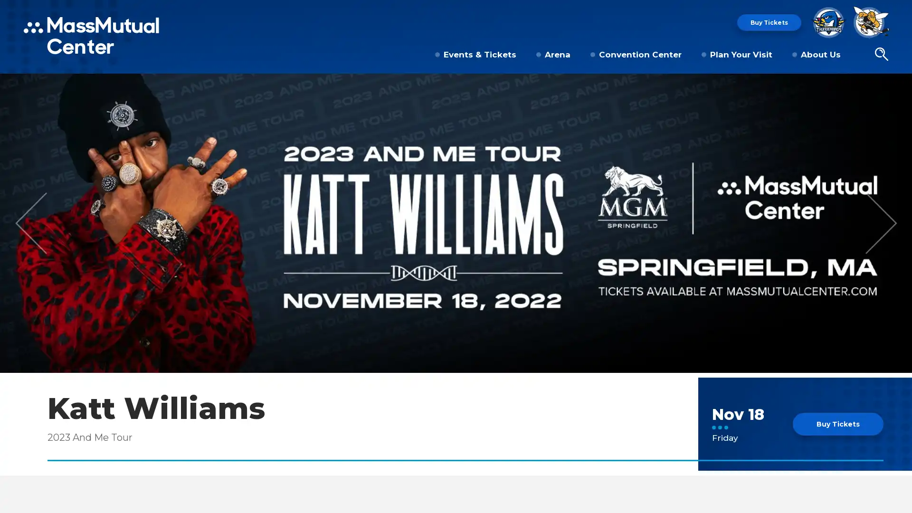 The image size is (912, 513). I want to click on Pause Slideshow, so click(899, 86).